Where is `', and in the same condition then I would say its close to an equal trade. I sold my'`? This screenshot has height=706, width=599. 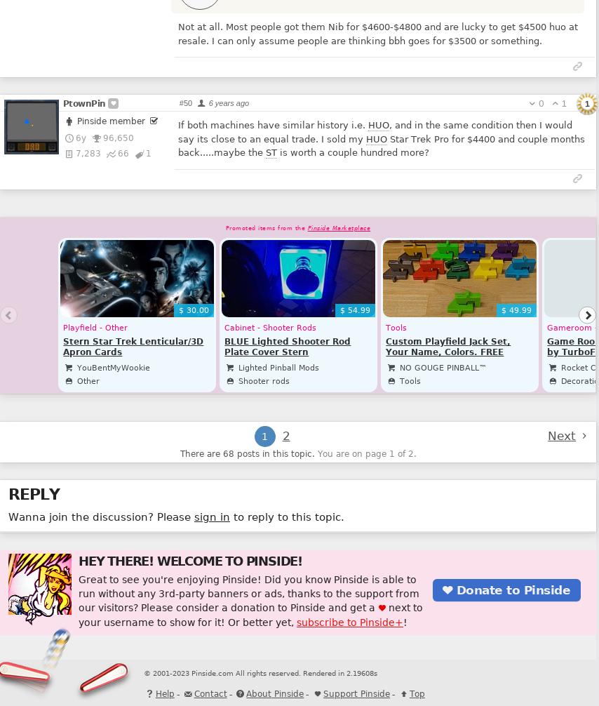
', and in the same condition then I would say its close to an equal trade. I sold my' is located at coordinates (375, 132).